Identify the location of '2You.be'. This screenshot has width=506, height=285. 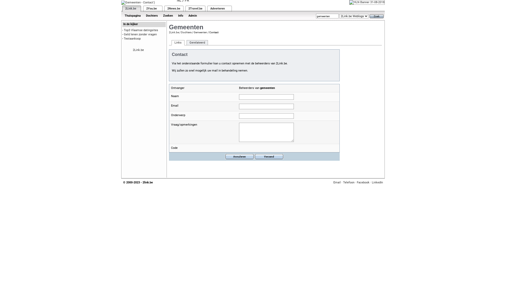
(151, 8).